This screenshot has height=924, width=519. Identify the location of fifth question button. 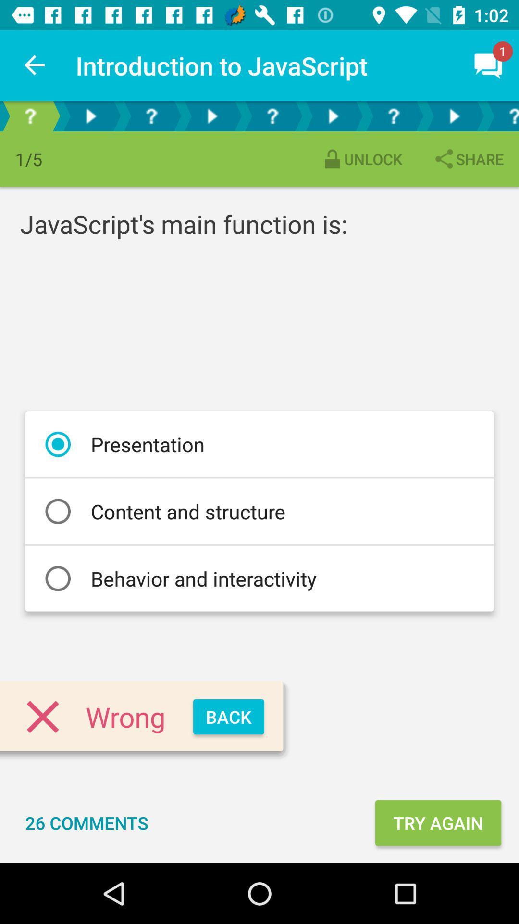
(501, 115).